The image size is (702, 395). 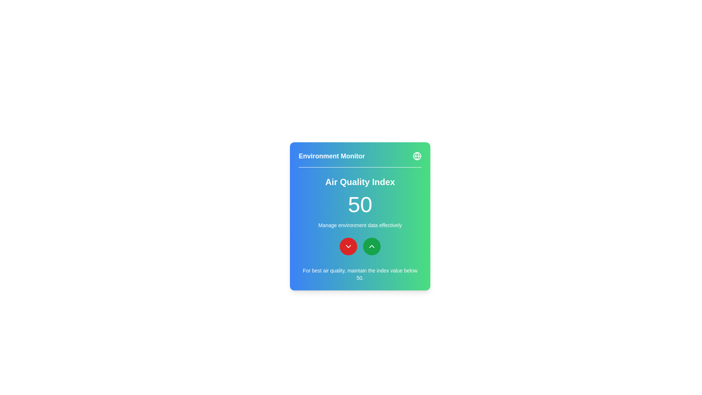 What do you see at coordinates (360, 203) in the screenshot?
I see `the Information Display Block that shows the current Air Quality Index value, positioned centrally below the 'Environment Monitor' section` at bounding box center [360, 203].